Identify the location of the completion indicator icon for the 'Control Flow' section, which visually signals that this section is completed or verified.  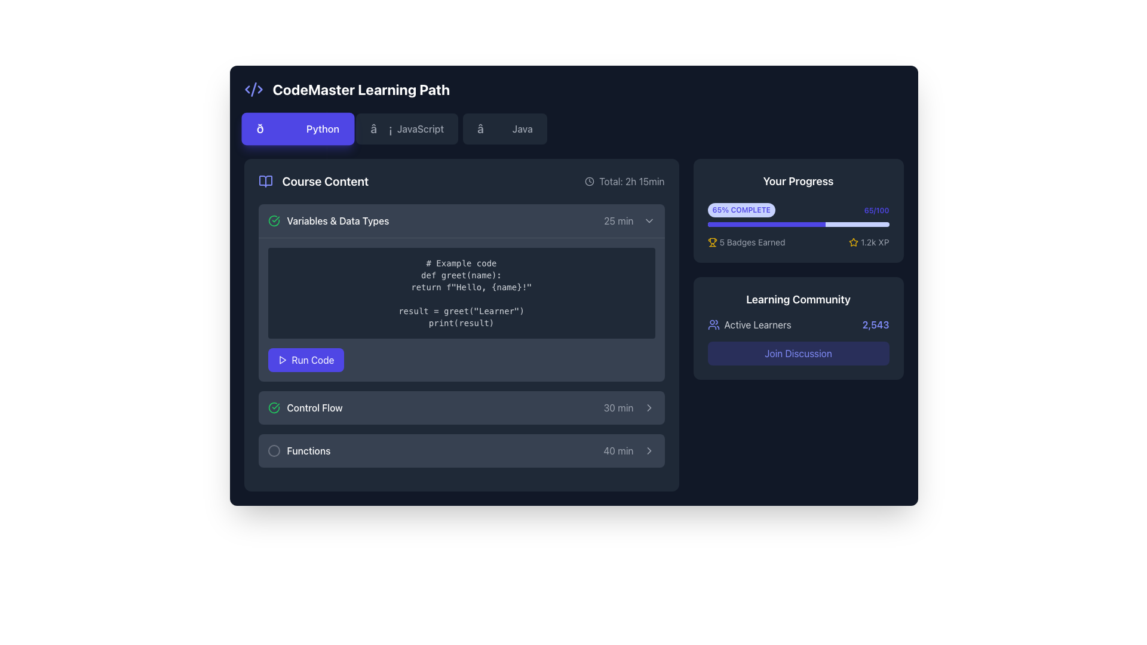
(273, 407).